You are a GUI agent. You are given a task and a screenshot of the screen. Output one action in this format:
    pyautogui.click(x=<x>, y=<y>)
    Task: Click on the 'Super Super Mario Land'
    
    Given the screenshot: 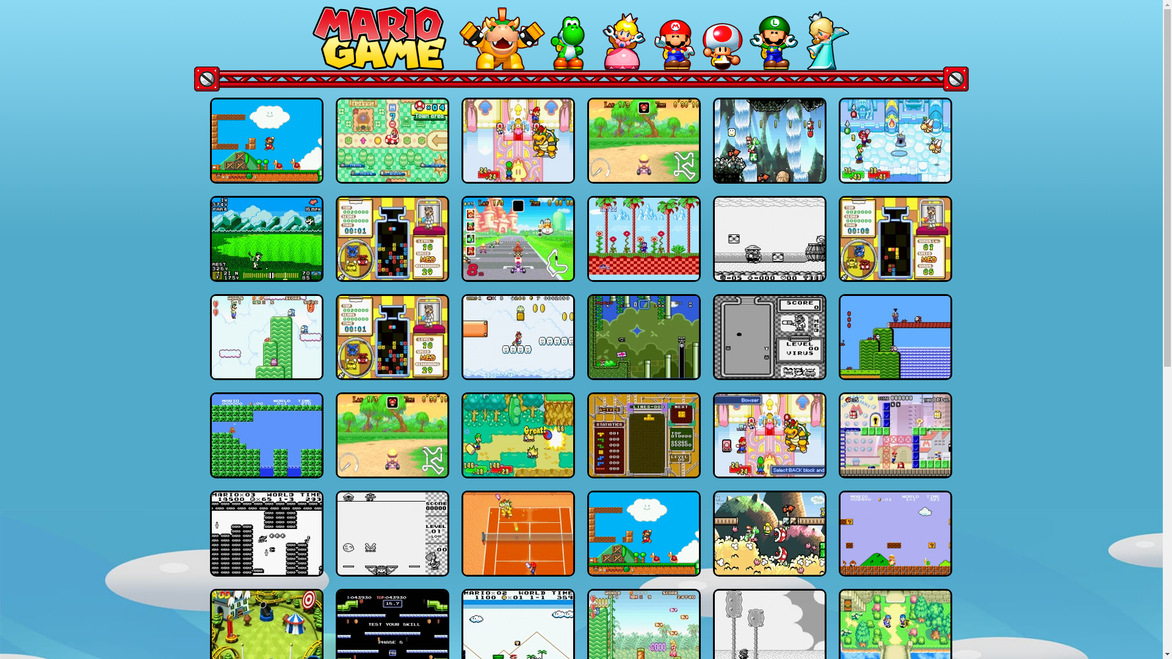 What is the action you would take?
    pyautogui.click(x=266, y=531)
    